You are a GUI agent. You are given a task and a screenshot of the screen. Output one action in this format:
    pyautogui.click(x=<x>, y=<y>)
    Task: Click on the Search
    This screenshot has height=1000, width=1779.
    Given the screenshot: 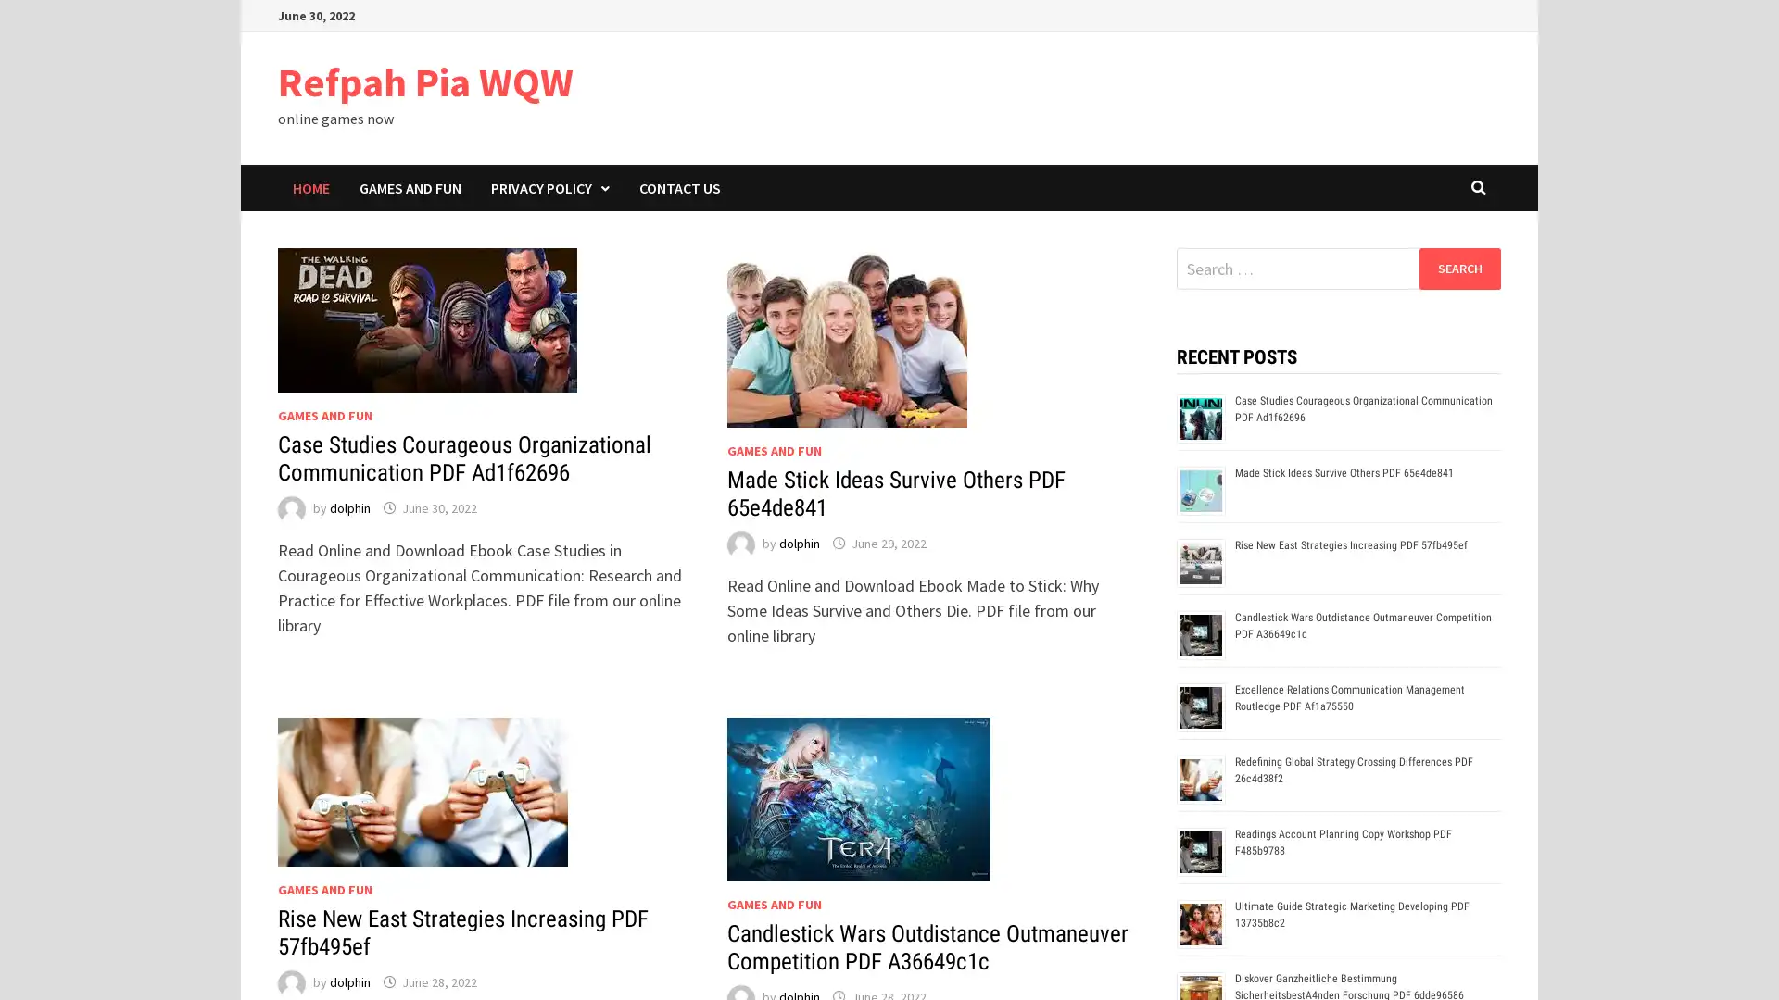 What is the action you would take?
    pyautogui.click(x=1458, y=268)
    